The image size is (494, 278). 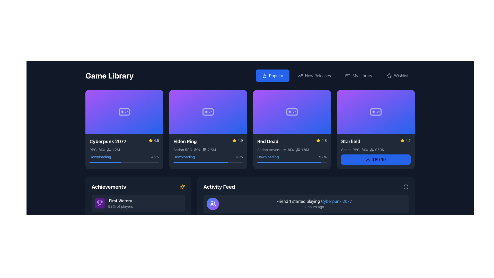 I want to click on the visual indicator element displaying the user rating for the 'Starfield' game, located in the top-right corner of the 'Starfield' card in the 'Game Library' section, so click(x=405, y=140).